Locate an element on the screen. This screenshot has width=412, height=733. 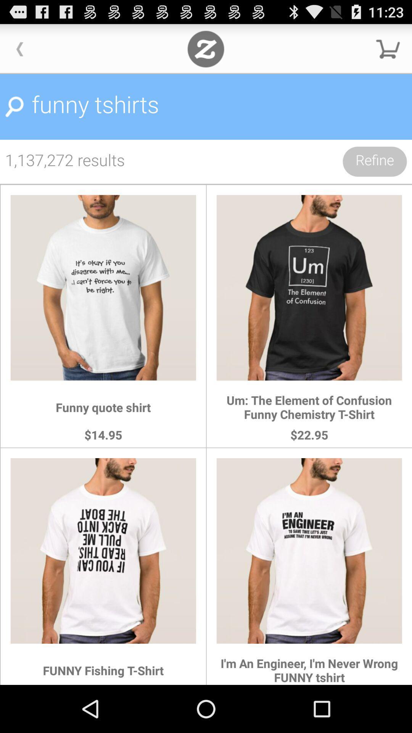
a place to view shopping cart is located at coordinates (388, 48).